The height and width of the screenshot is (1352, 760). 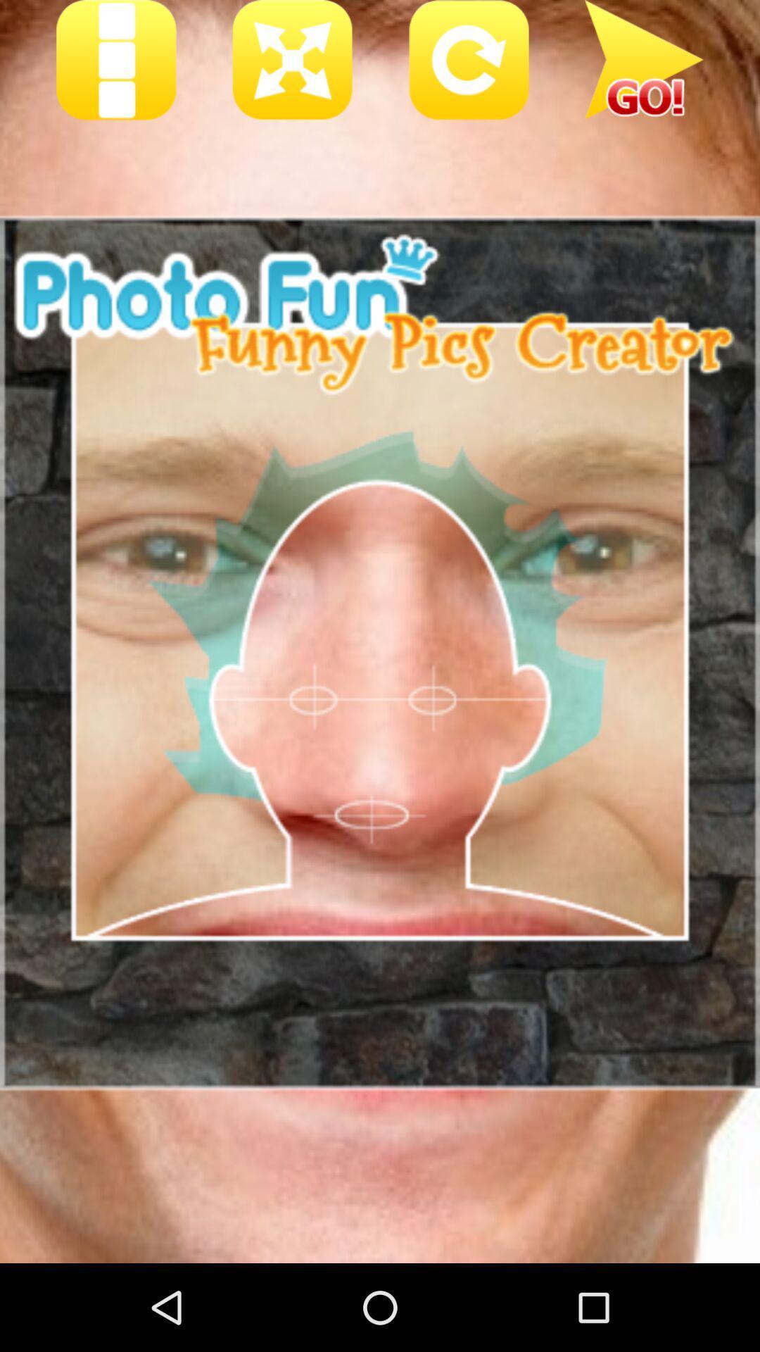 What do you see at coordinates (469, 63) in the screenshot?
I see `the refresh icon` at bounding box center [469, 63].